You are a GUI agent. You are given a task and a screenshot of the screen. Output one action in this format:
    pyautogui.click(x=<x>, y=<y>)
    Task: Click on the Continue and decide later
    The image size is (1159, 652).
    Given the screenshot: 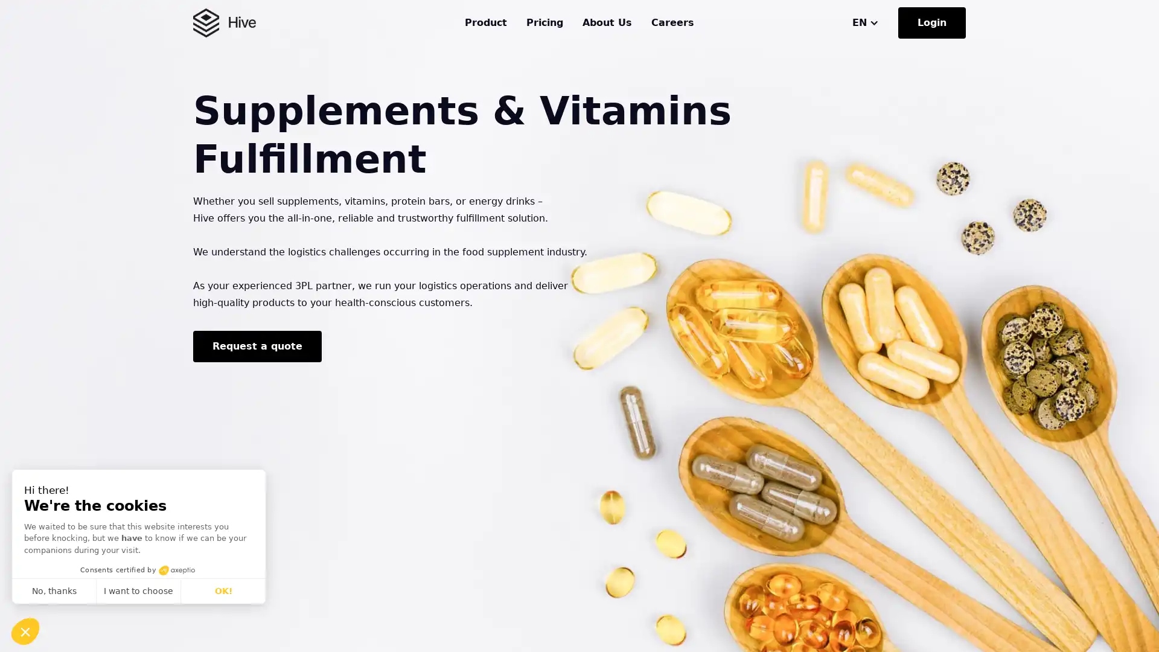 What is the action you would take?
    pyautogui.click(x=25, y=630)
    